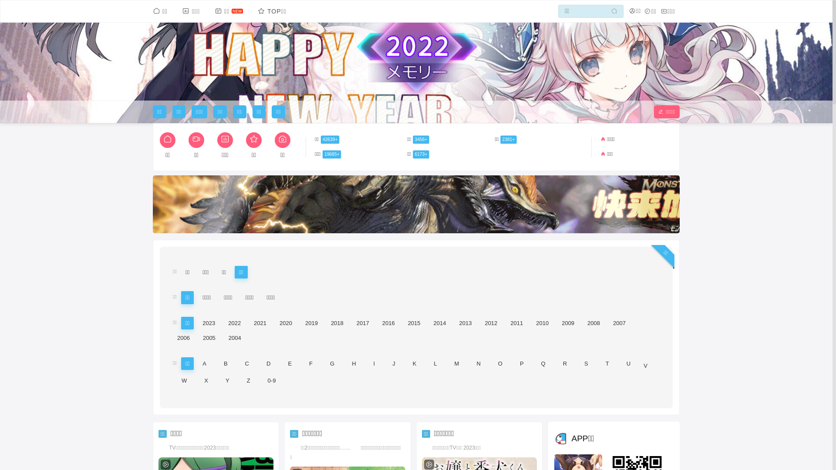 The image size is (836, 470). What do you see at coordinates (248, 380) in the screenshot?
I see `'Z'` at bounding box center [248, 380].